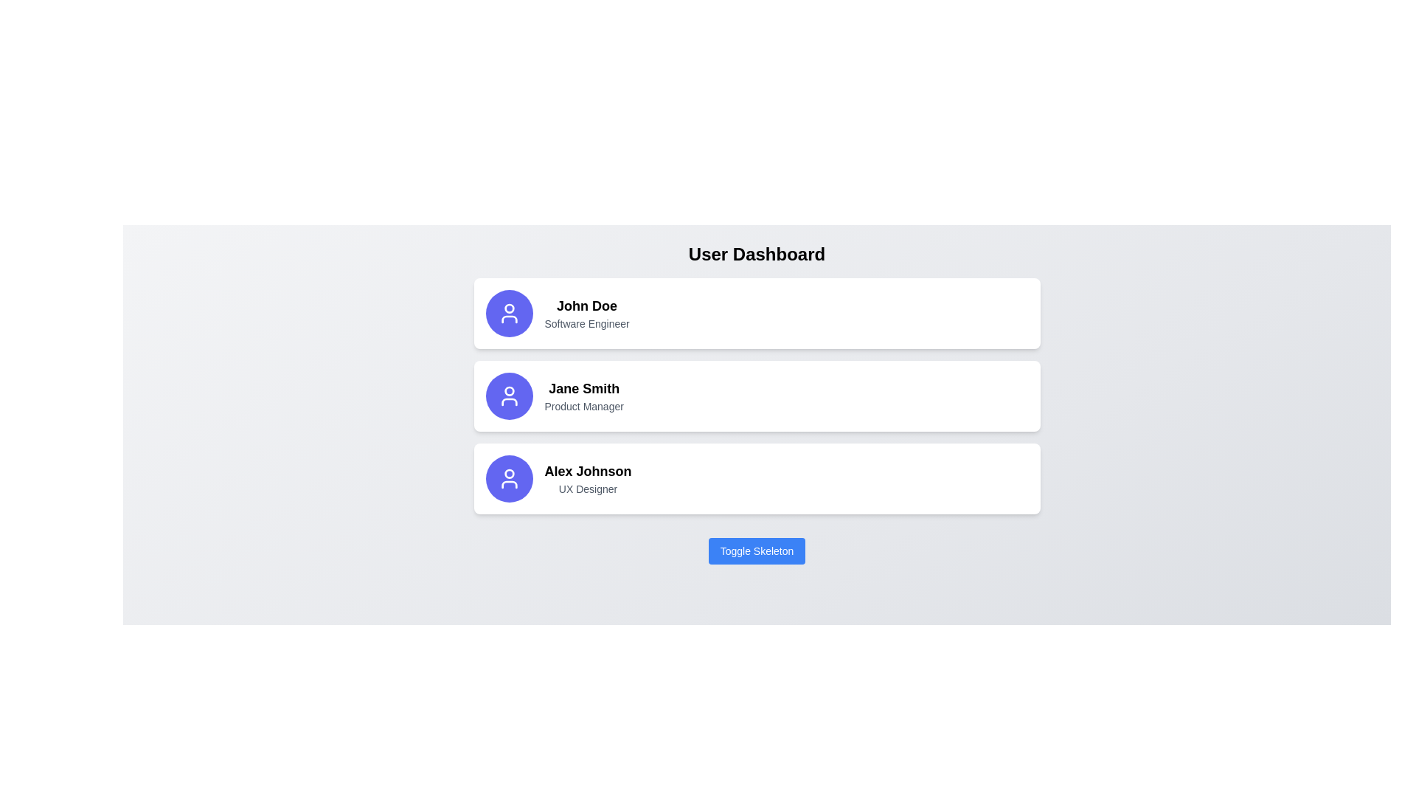  What do you see at coordinates (587, 478) in the screenshot?
I see `text block displaying the user's name 'Alex Johnson' and role 'UX Designer', located within the third user card in a vertical list on the right side` at bounding box center [587, 478].